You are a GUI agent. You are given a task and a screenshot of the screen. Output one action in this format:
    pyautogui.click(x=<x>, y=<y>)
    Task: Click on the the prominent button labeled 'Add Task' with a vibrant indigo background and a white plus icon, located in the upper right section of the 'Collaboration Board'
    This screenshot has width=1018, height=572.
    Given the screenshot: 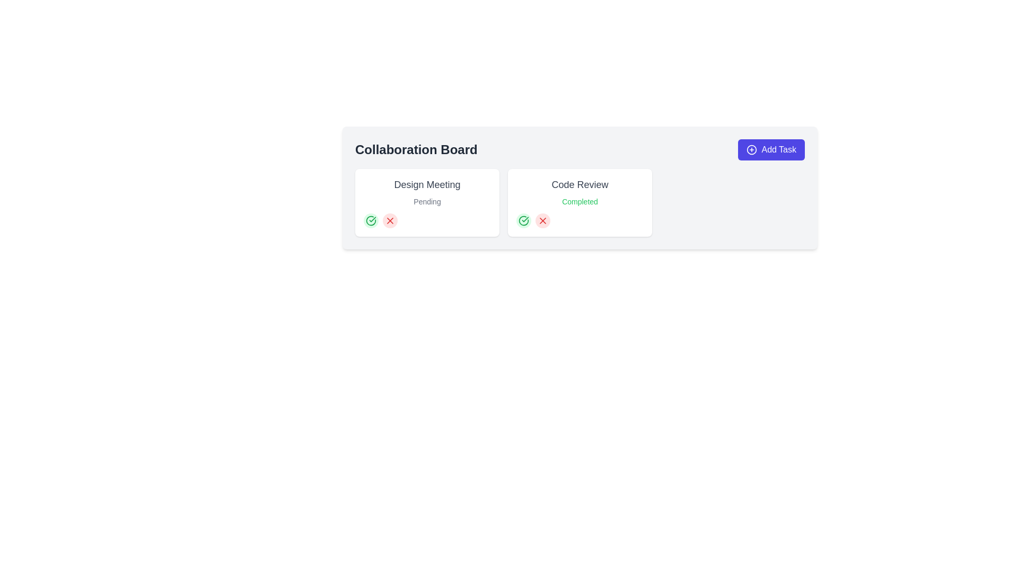 What is the action you would take?
    pyautogui.click(x=771, y=149)
    